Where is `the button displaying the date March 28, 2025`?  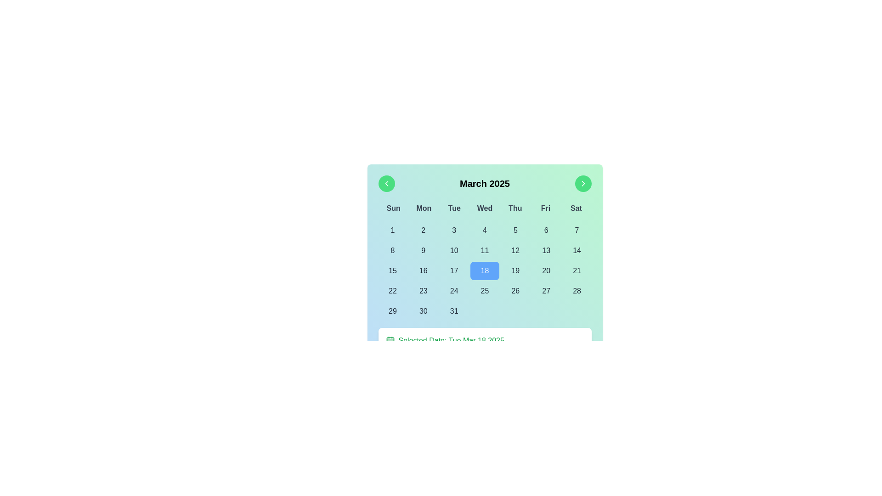 the button displaying the date March 28, 2025 is located at coordinates (577, 291).